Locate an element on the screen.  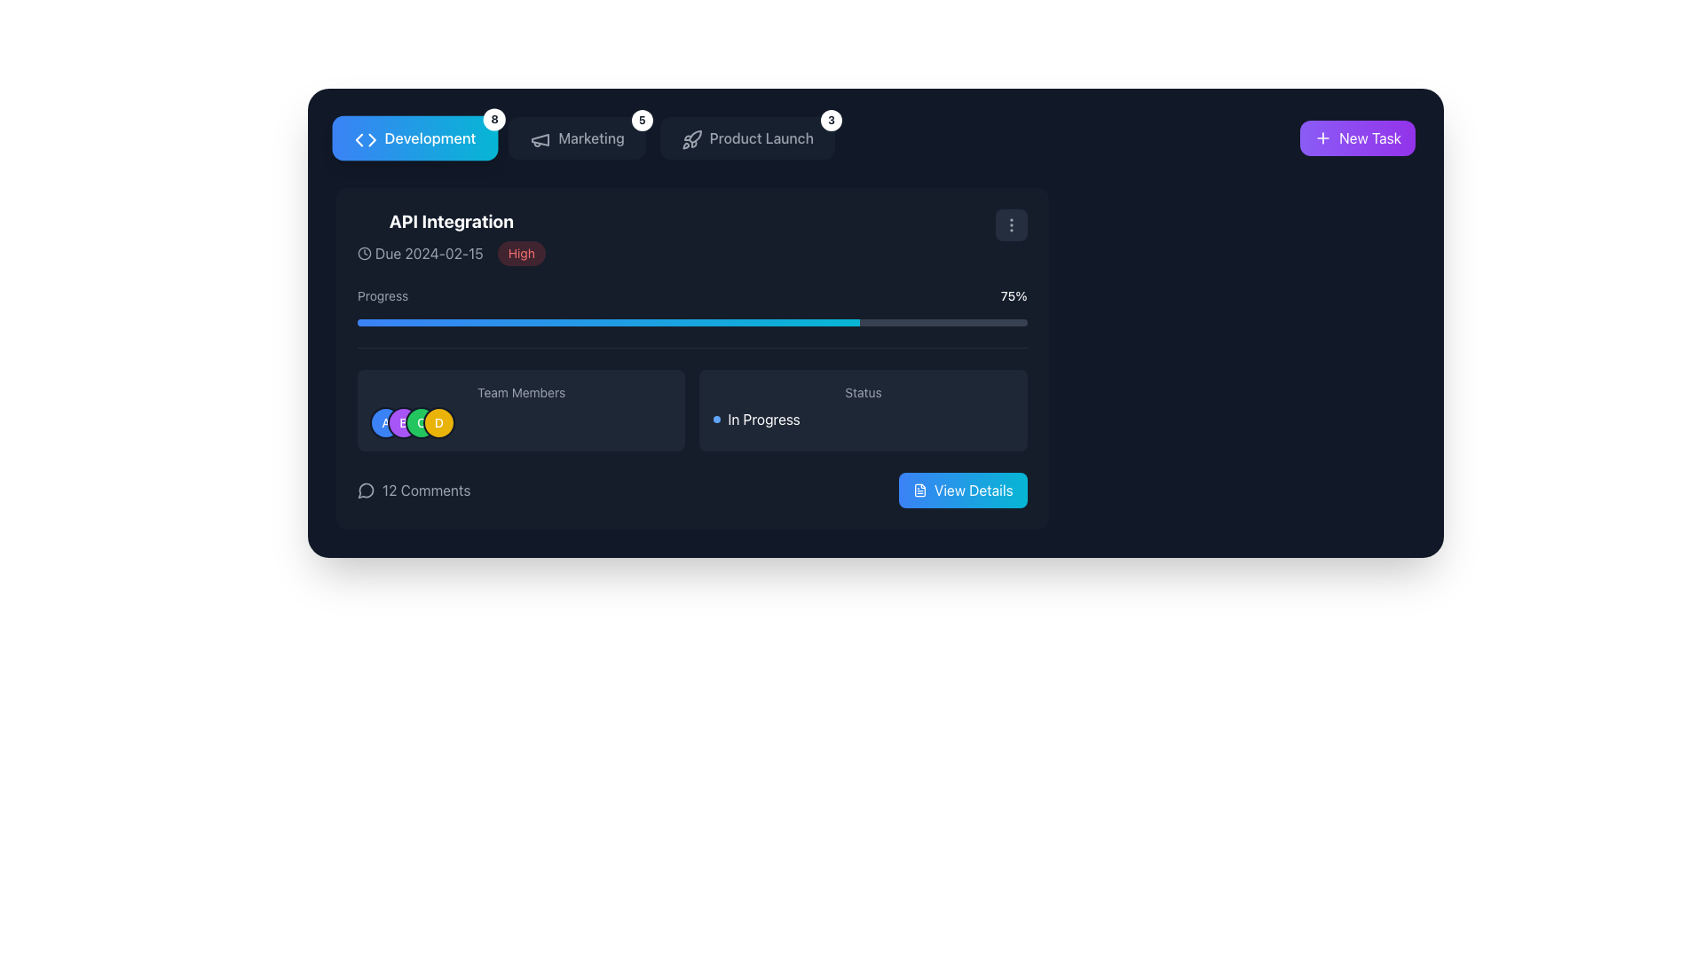
the rectangular button labeled 'Product Launch' with a rocket icon and a circular badge showing '3' is located at coordinates (747, 137).